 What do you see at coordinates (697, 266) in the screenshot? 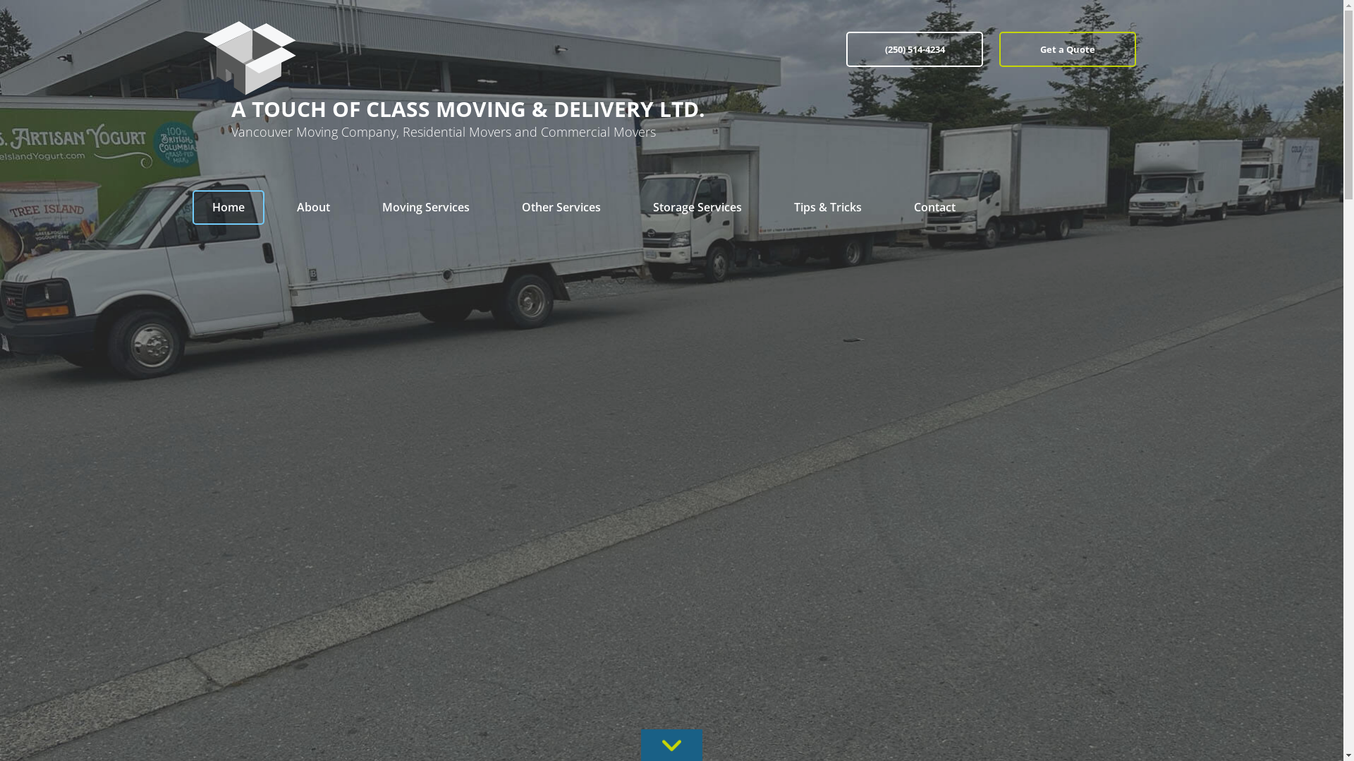
I see `'Long Term Storage'` at bounding box center [697, 266].